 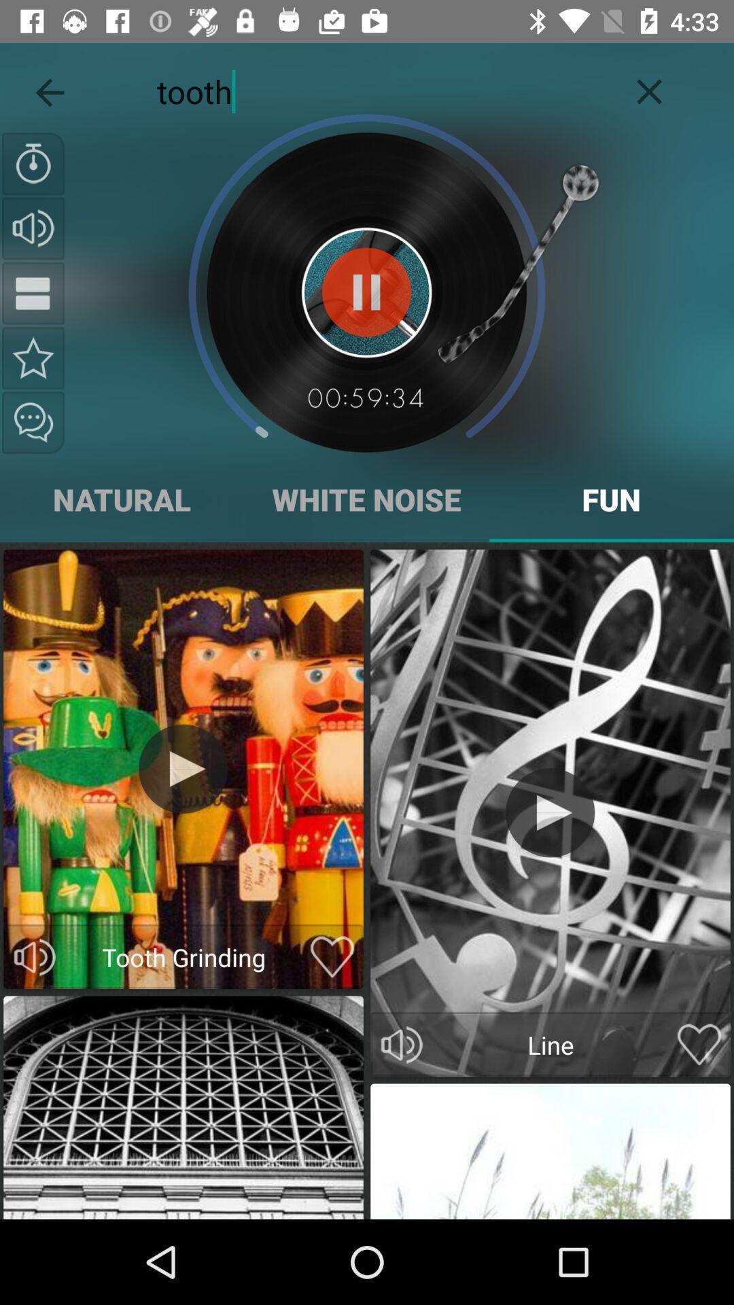 What do you see at coordinates (33, 292) in the screenshot?
I see `change display of list` at bounding box center [33, 292].